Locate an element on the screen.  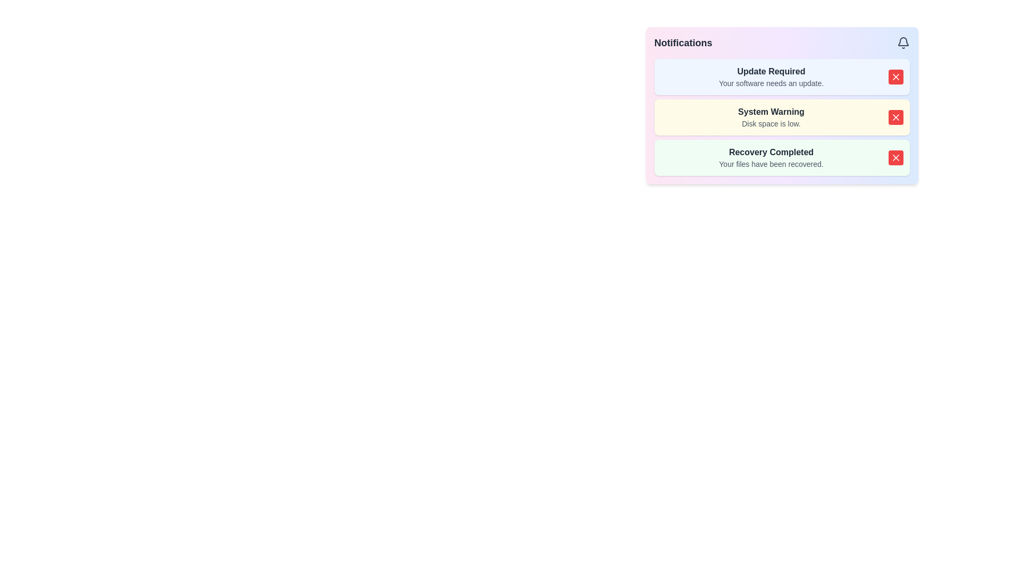
the confirmation message text label indicating successful file recovery, located within the 'Recovery Completed' notification box is located at coordinates (771, 164).